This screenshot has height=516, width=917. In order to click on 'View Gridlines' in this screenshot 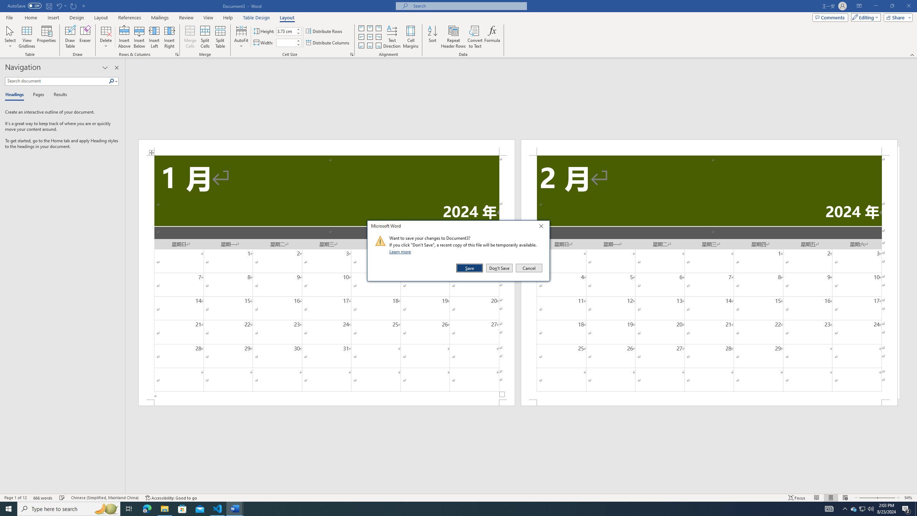, I will do `click(27, 37)`.